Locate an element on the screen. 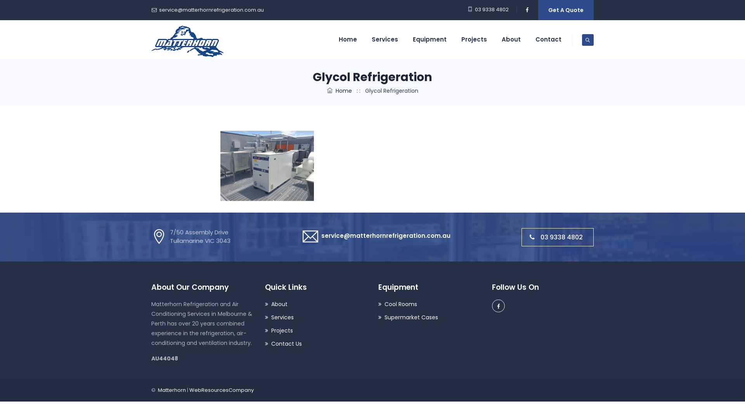  'service@matterhornrefrigeration.com.au' is located at coordinates (211, 10).